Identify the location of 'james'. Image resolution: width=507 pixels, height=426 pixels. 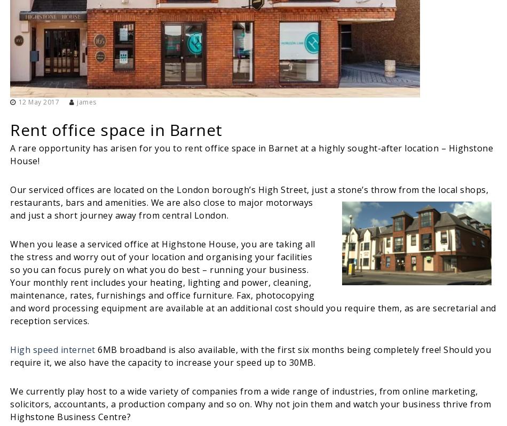
(86, 101).